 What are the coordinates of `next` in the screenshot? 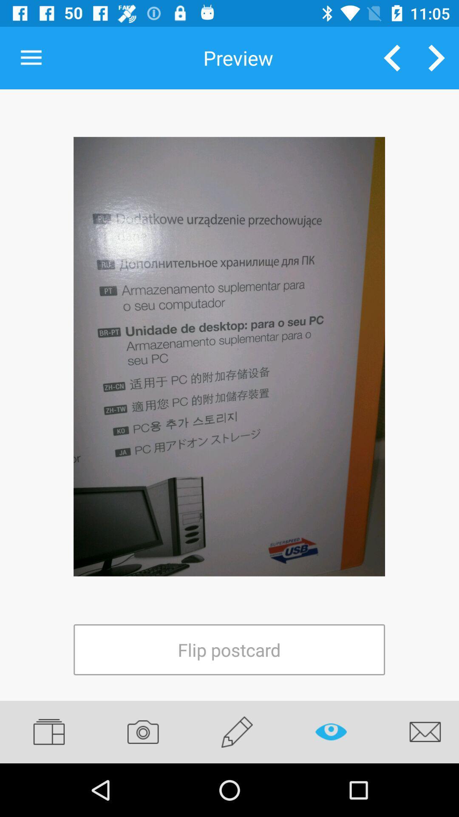 It's located at (436, 57).